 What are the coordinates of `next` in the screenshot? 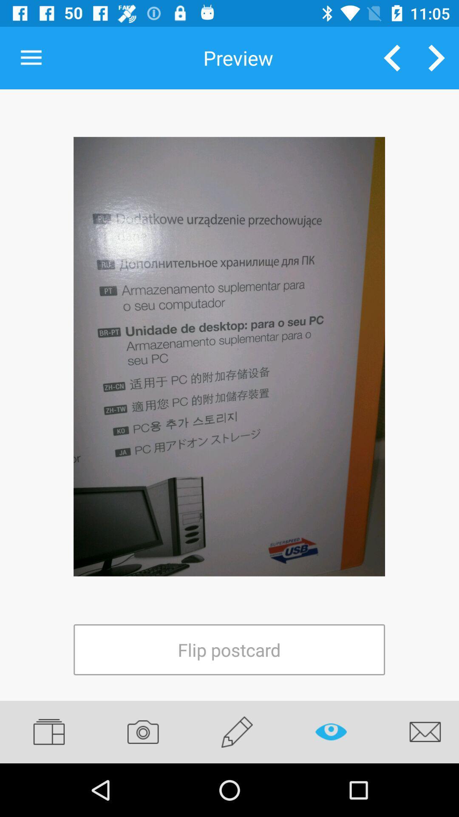 It's located at (436, 57).